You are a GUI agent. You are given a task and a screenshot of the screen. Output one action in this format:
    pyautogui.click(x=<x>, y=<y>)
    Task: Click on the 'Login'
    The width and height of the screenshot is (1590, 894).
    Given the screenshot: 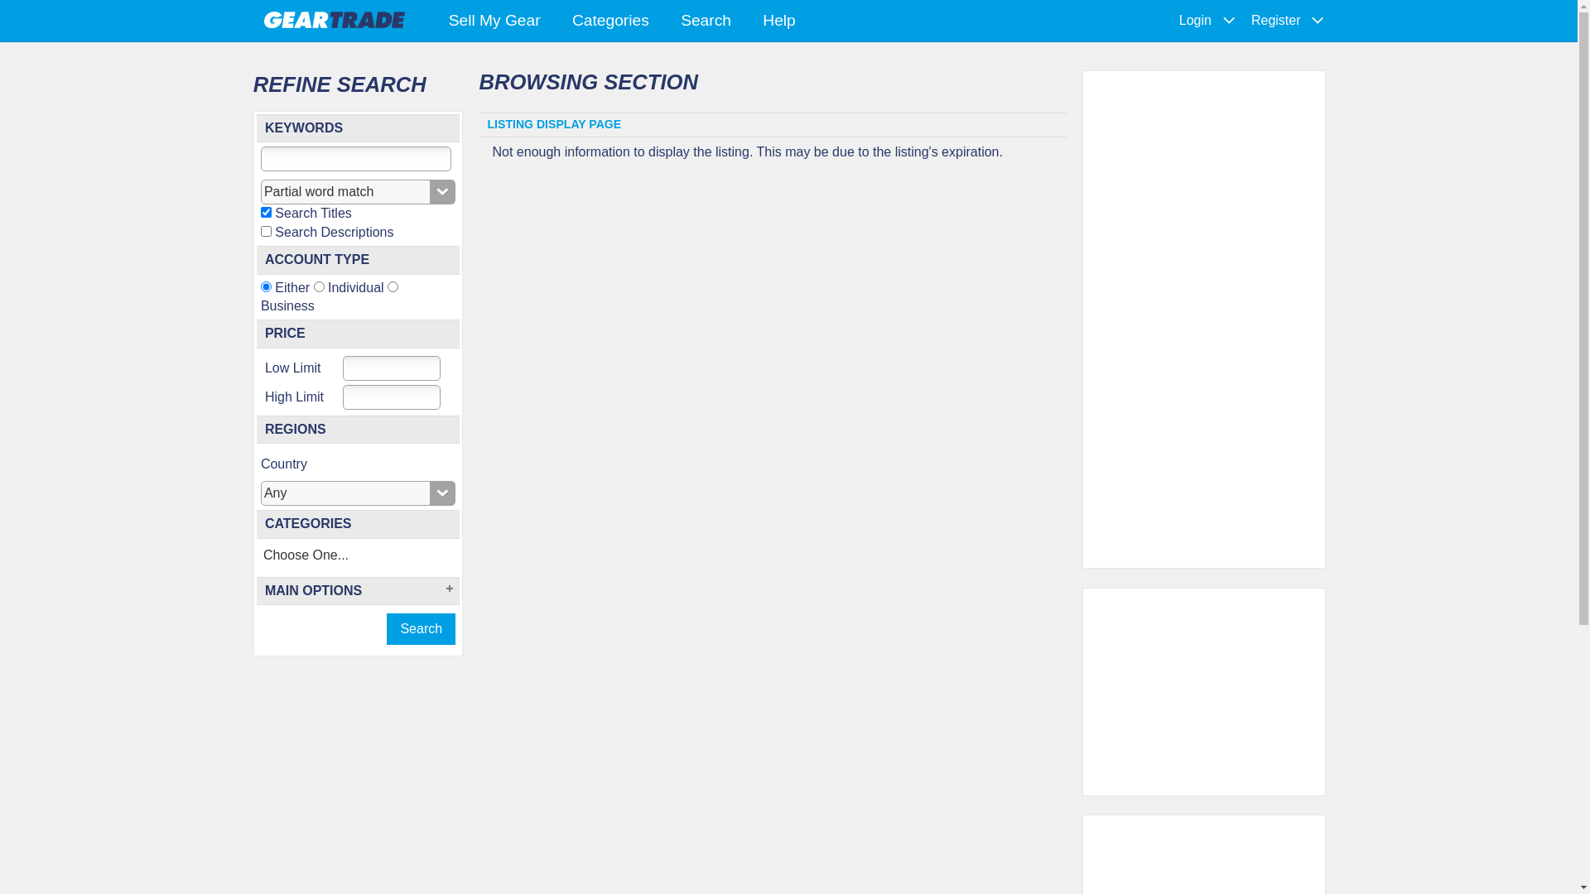 What is the action you would take?
    pyautogui.click(x=1195, y=20)
    